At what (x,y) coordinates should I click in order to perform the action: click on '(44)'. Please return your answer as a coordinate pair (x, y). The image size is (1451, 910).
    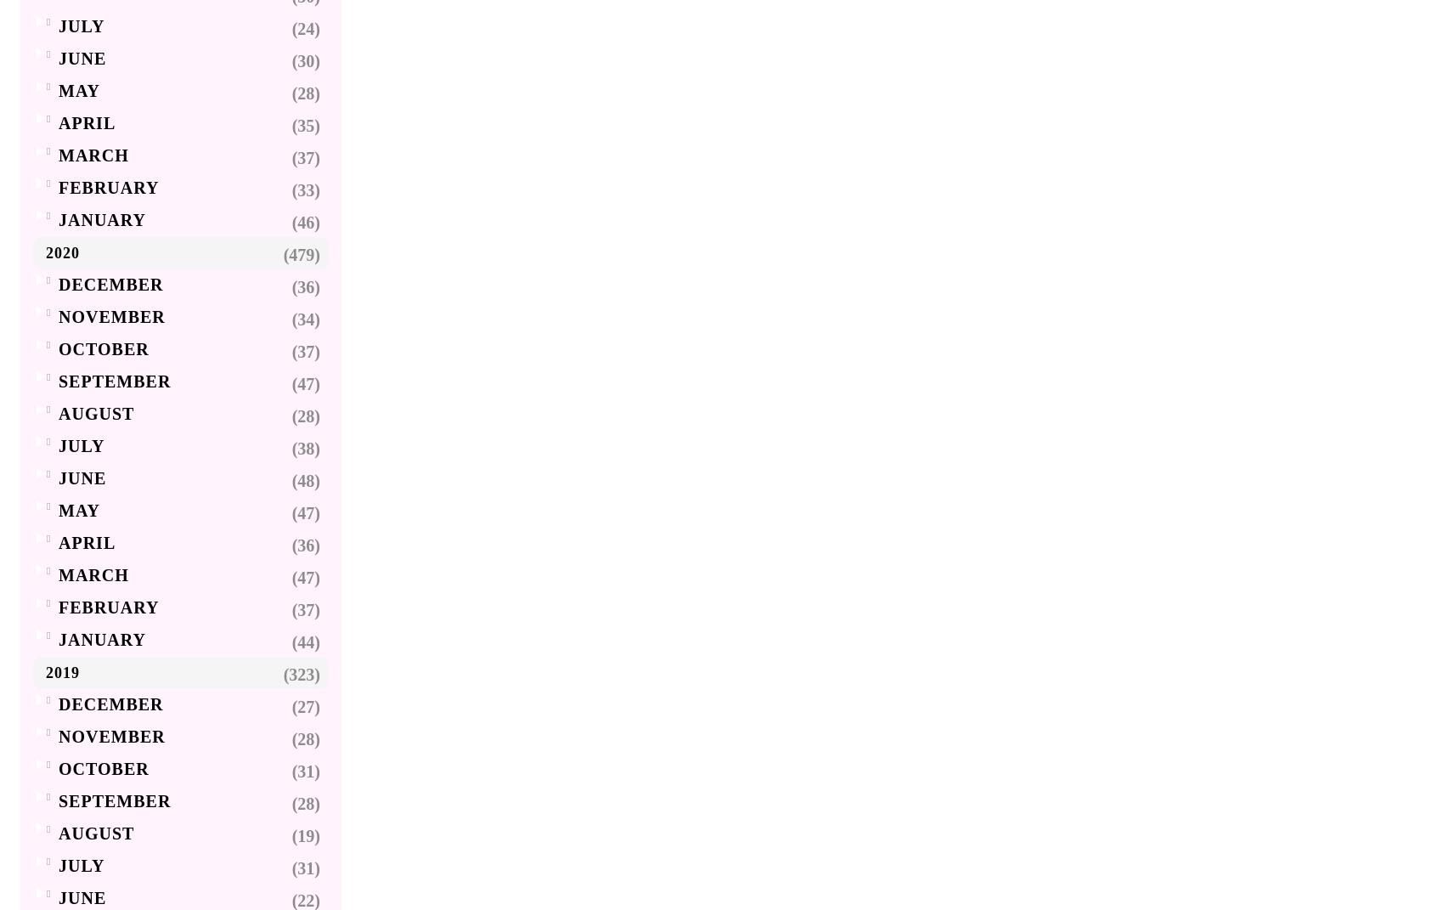
    Looking at the image, I should click on (306, 642).